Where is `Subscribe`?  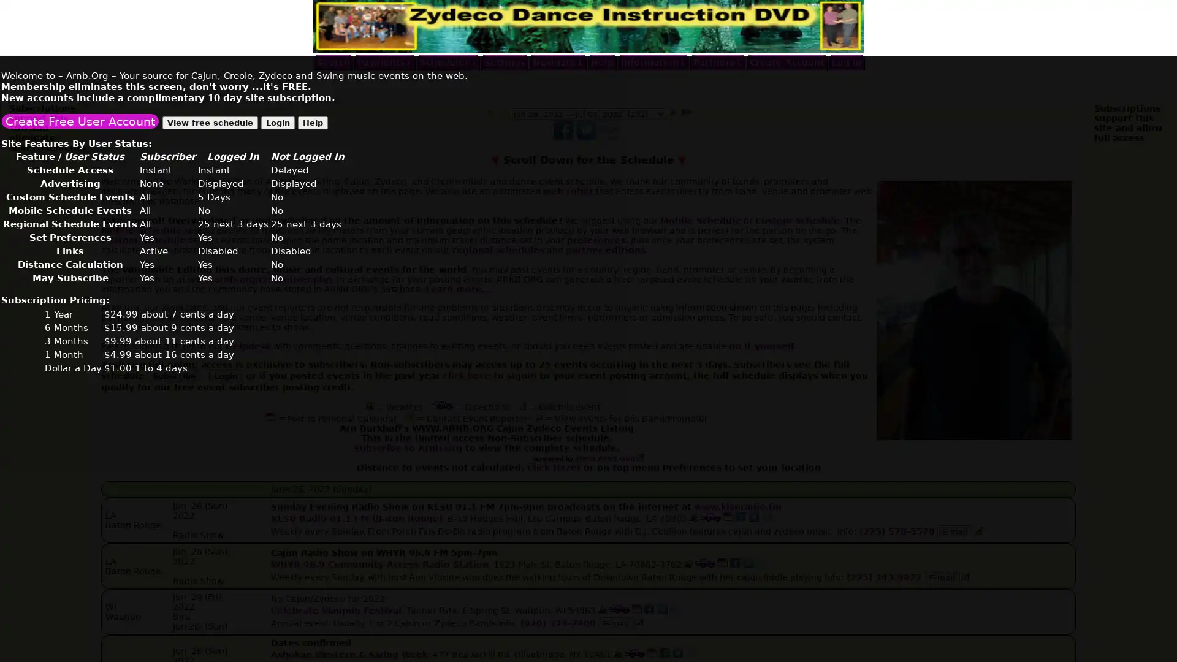 Subscribe is located at coordinates (173, 375).